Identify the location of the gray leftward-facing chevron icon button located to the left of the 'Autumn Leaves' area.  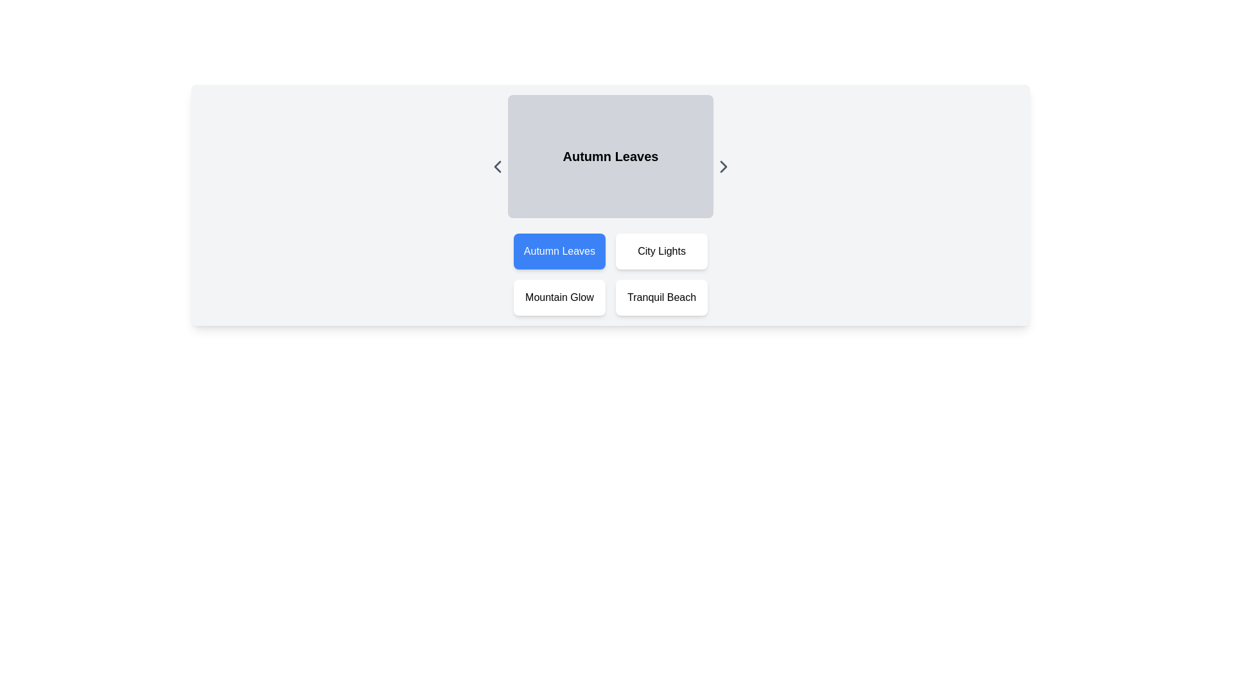
(496, 166).